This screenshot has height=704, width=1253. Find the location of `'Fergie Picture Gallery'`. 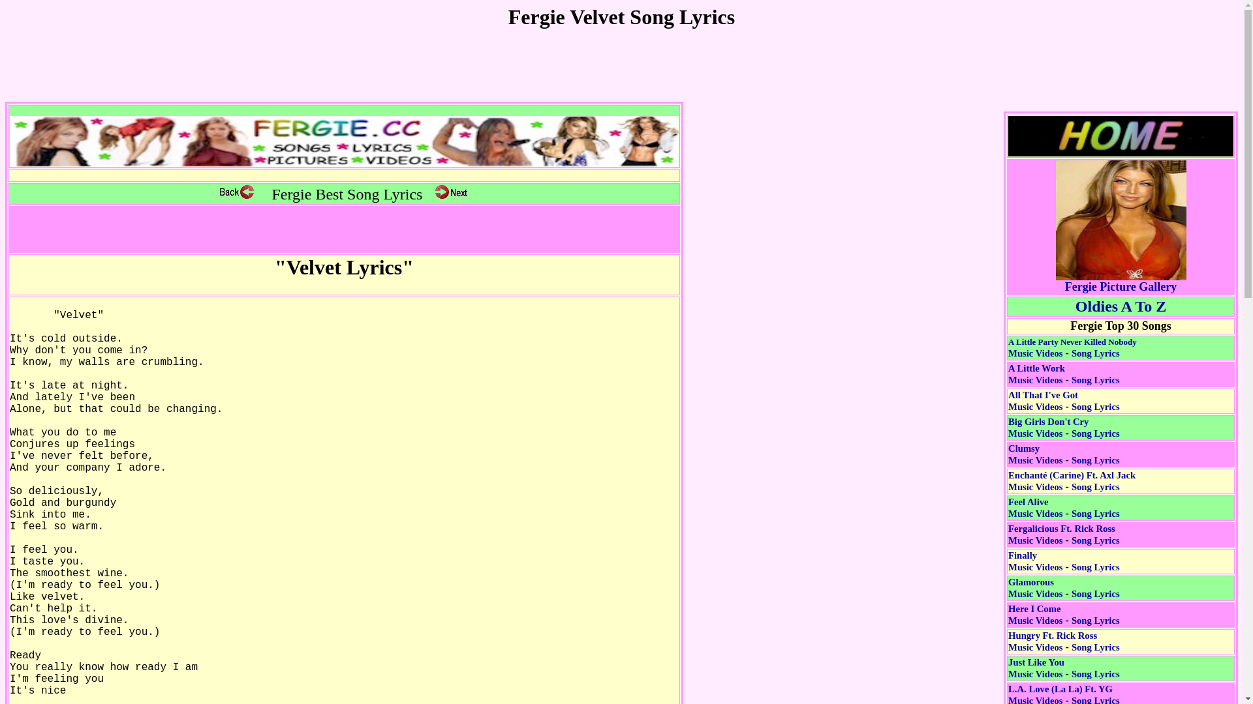

'Fergie Picture Gallery' is located at coordinates (1121, 281).